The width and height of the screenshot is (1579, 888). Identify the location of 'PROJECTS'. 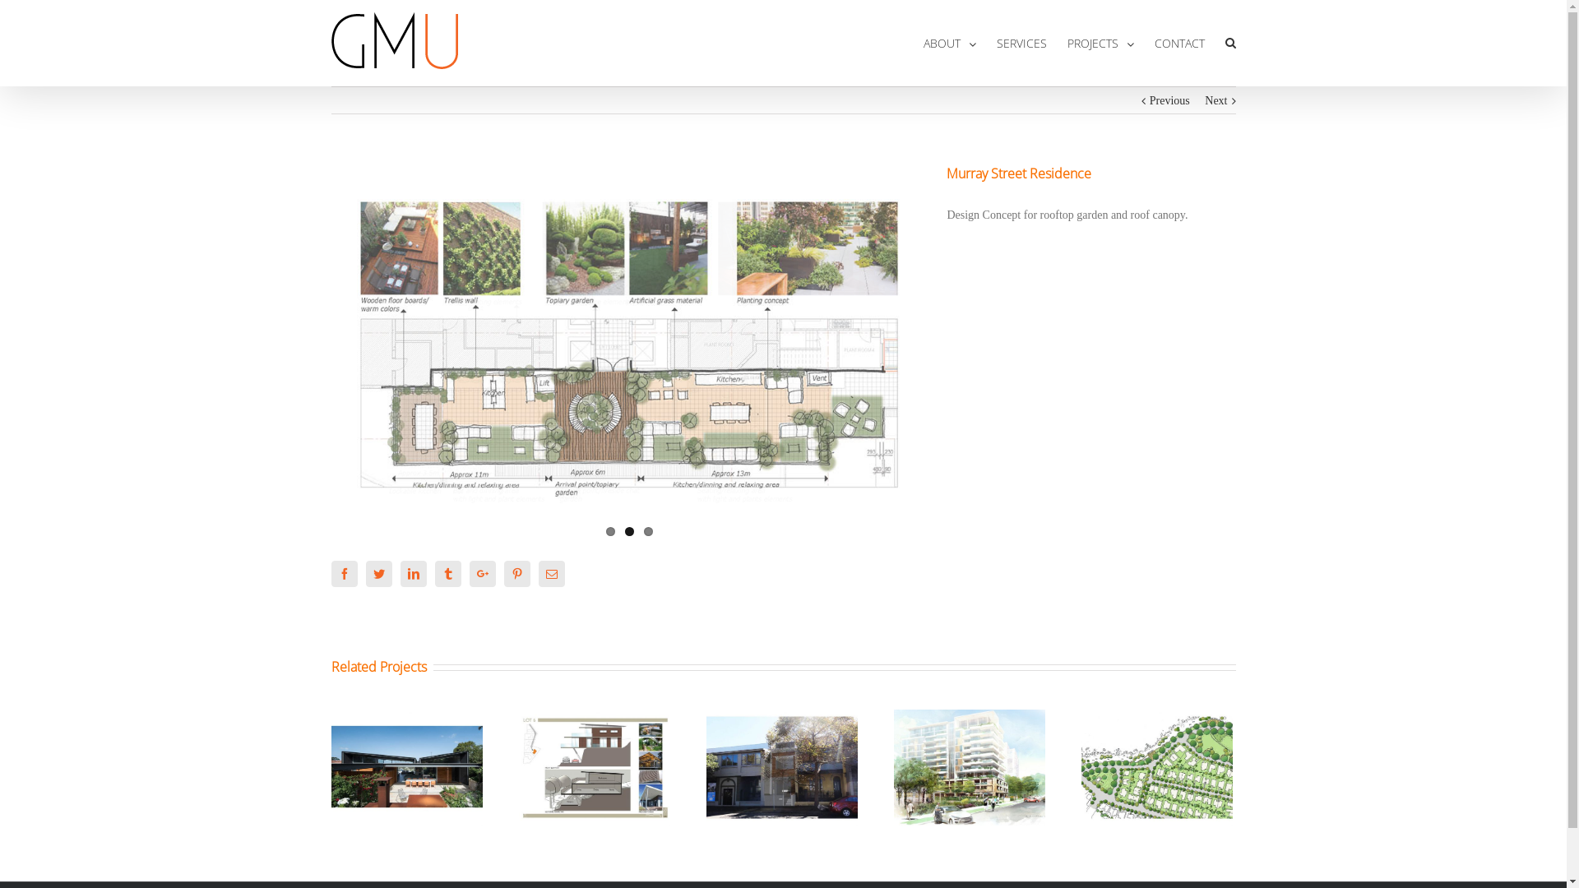
(1100, 42).